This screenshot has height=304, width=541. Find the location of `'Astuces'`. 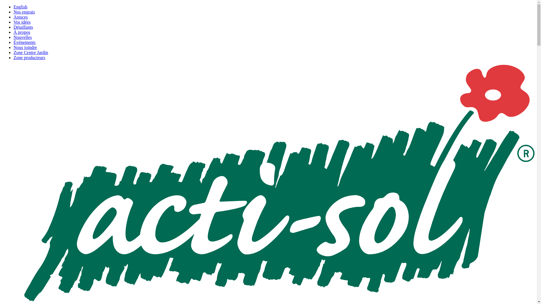

'Astuces' is located at coordinates (21, 17).